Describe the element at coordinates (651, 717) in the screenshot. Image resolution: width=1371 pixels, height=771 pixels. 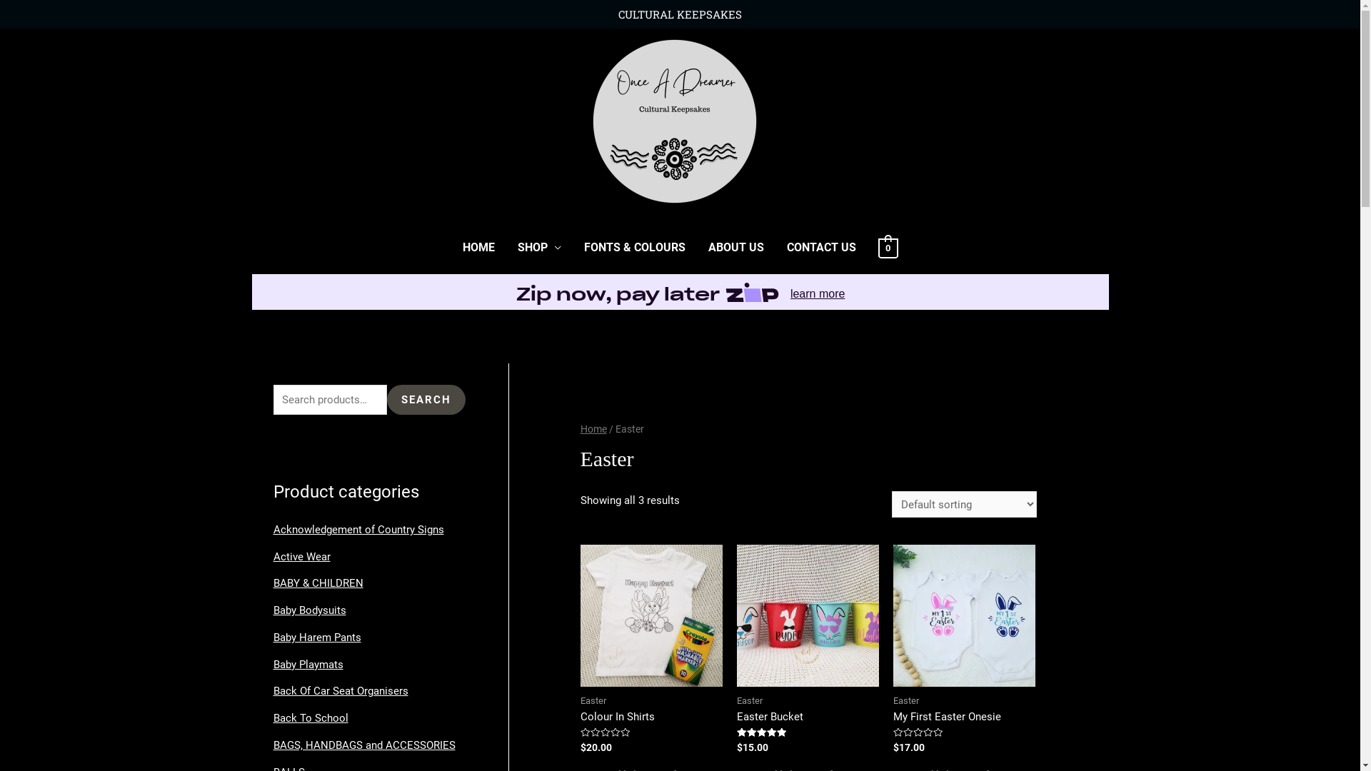
I see `'Colour In Shirts'` at that location.